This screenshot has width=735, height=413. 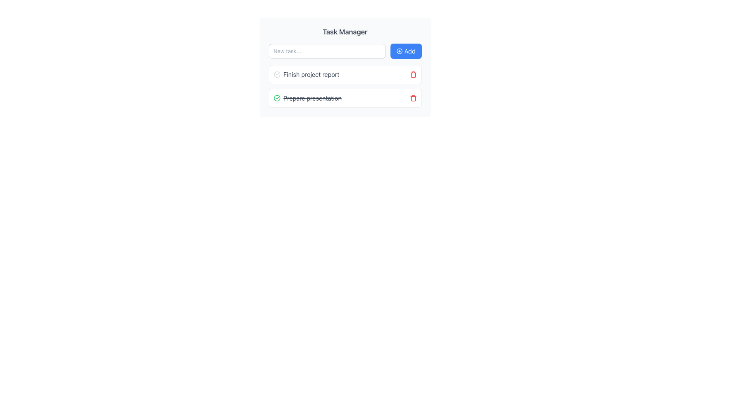 I want to click on the status indicator icon for the task 'Finish project report', so click(x=276, y=75).